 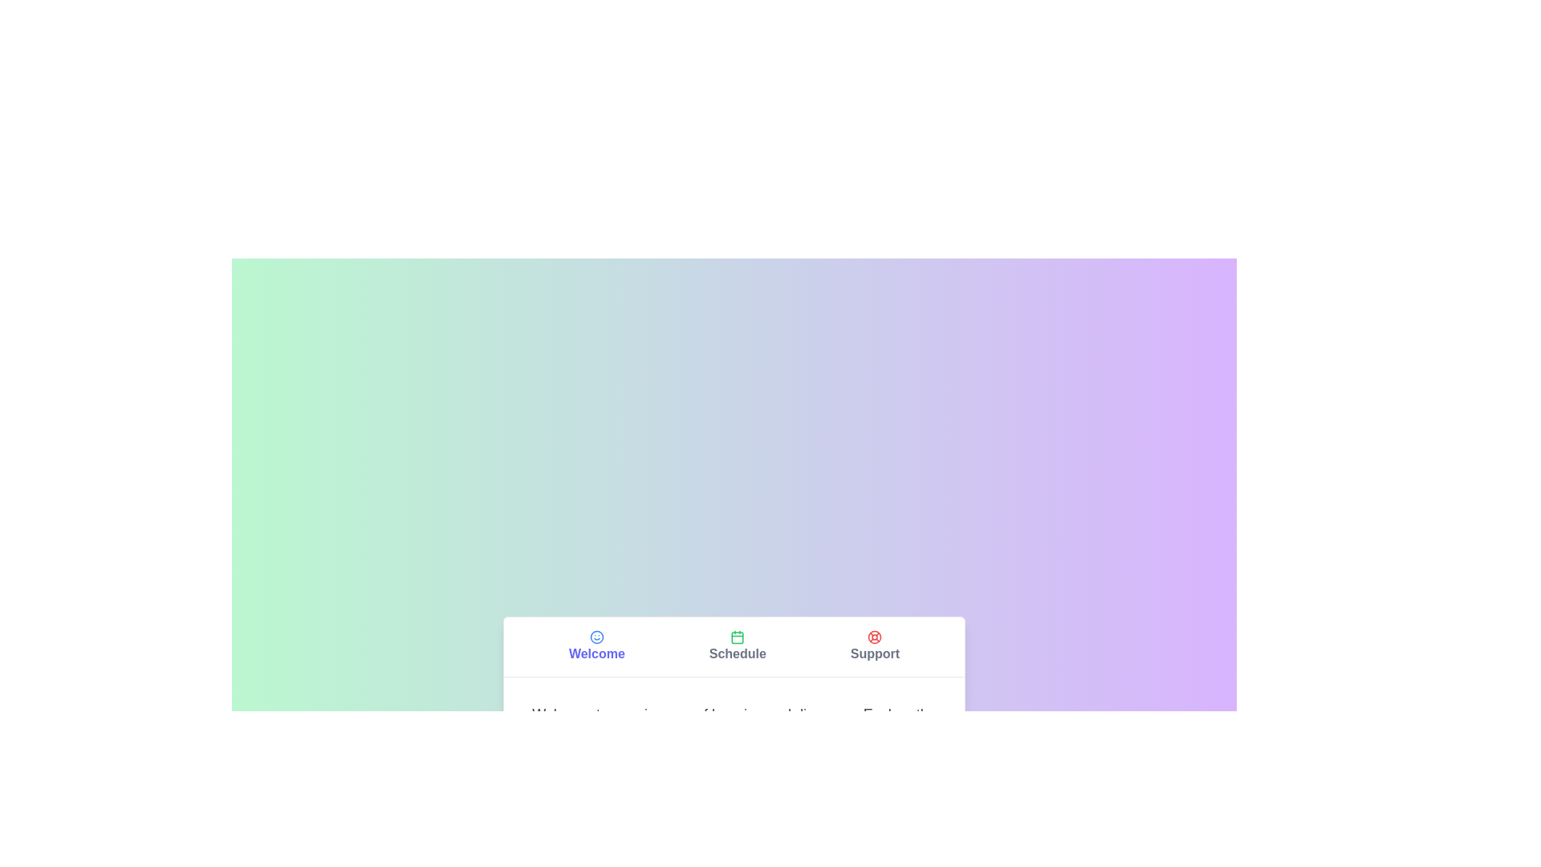 What do you see at coordinates (874, 645) in the screenshot?
I see `the Support tab to view its content` at bounding box center [874, 645].